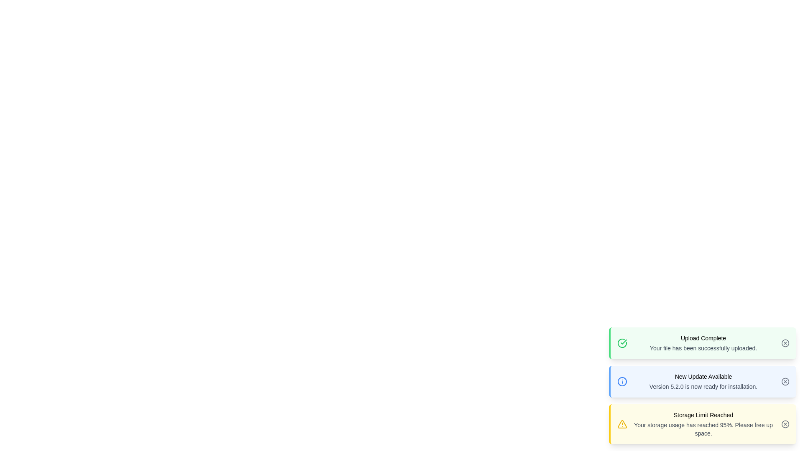 The height and width of the screenshot is (451, 803). I want to click on the Circle graphical component used as a dismiss button within the 'Storage Limit Reached' notification card, located at the bottom-right corner of the interface, so click(785, 424).